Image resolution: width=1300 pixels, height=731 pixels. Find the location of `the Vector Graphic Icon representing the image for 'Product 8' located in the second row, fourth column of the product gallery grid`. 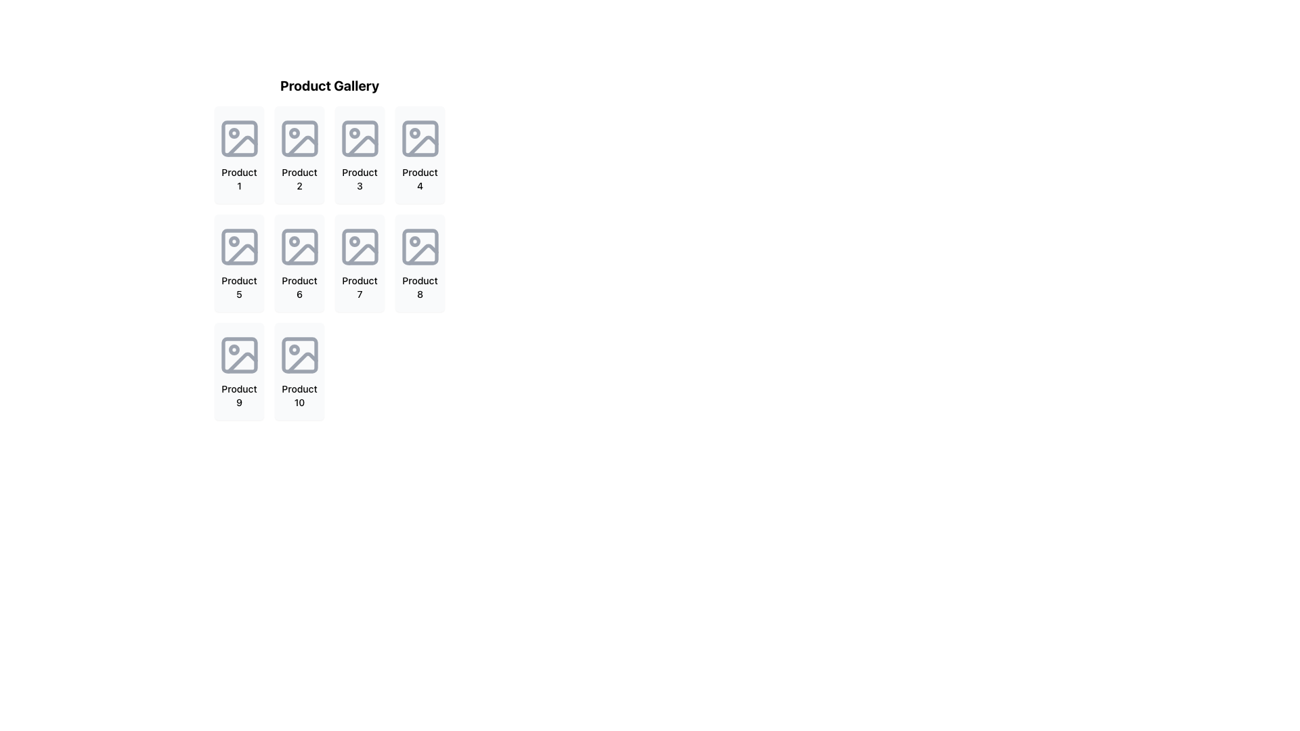

the Vector Graphic Icon representing the image for 'Product 8' located in the second row, fourth column of the product gallery grid is located at coordinates (422, 254).